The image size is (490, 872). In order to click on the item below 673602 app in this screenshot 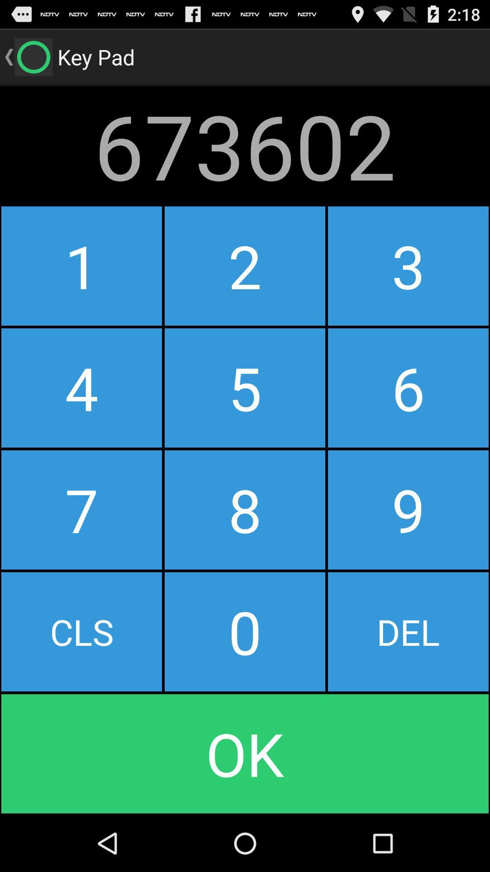, I will do `click(82, 265)`.